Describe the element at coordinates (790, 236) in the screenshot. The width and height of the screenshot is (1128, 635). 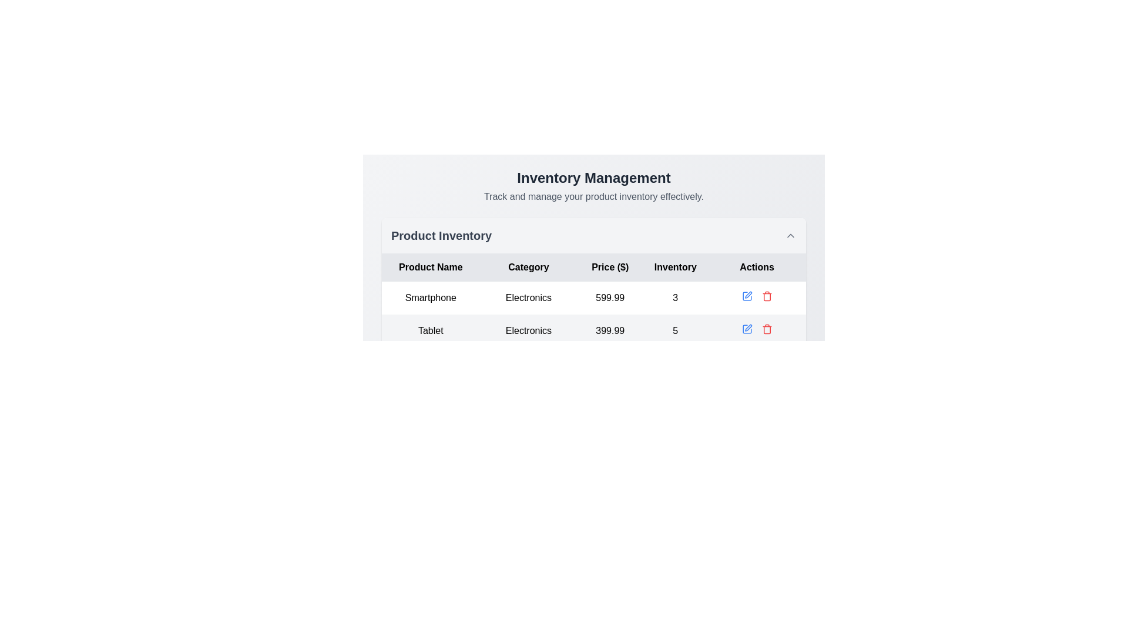
I see `the chevron icon button in the top-right corner of the 'Product Inventory' card` at that location.